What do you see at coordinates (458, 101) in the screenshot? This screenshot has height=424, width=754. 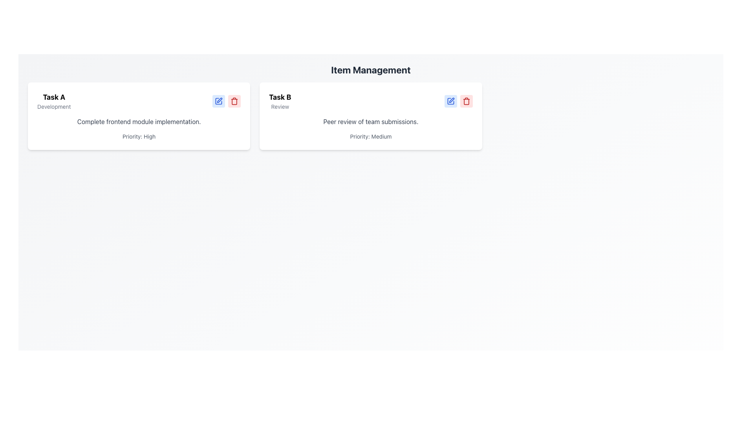 I see `the button group located in the top-right corner of the 'Task B' card` at bounding box center [458, 101].